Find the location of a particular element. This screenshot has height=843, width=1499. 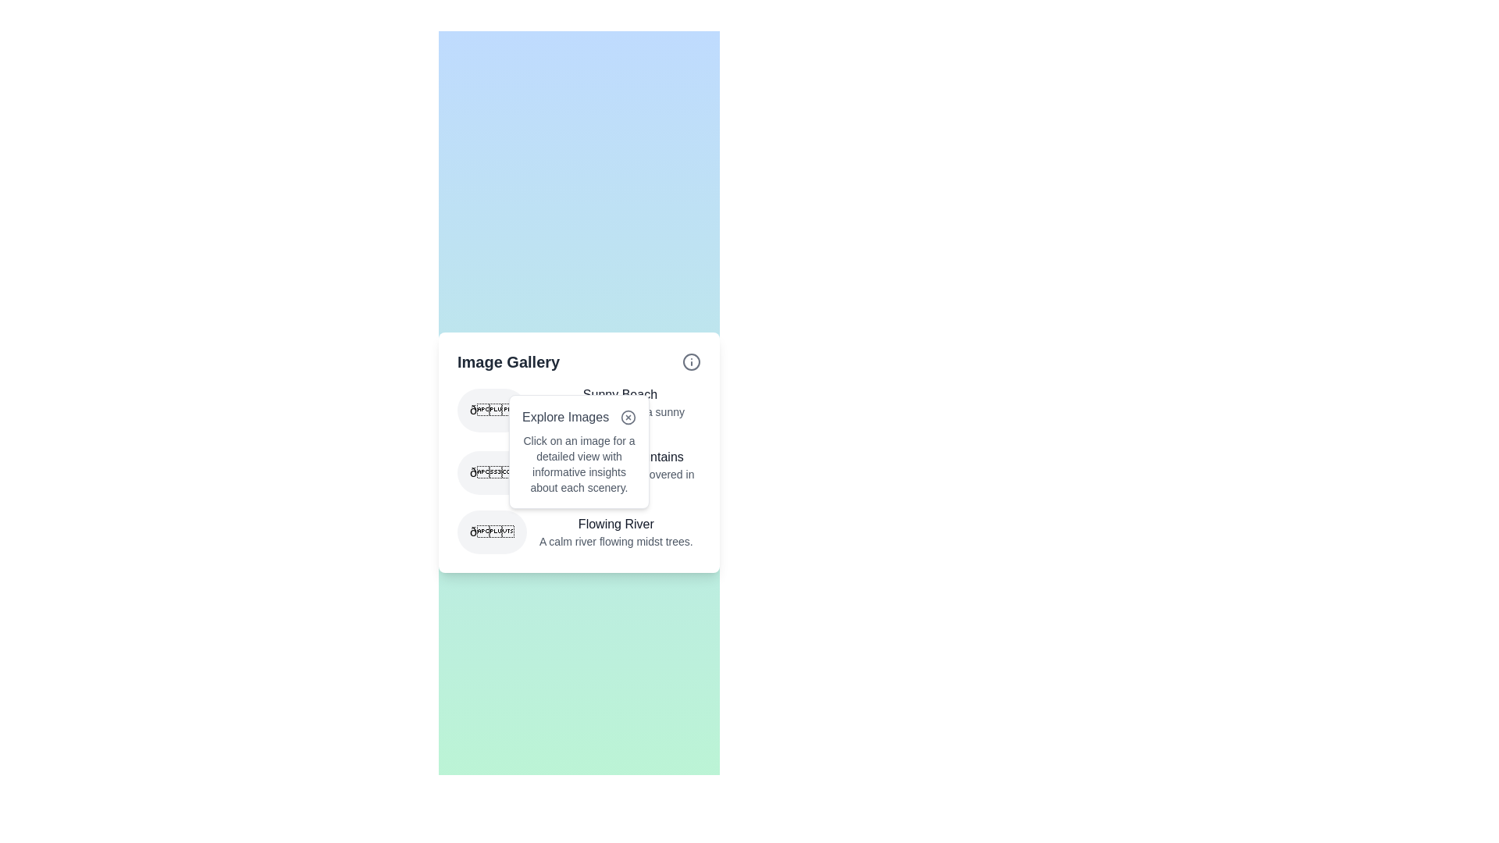

the list item featuring an emoji icon and descriptive text, located at the bottom of the vertical list in the 'Image Gallery' card, which is the third item below 'Sunny Beach' and 'Majestic Mountains.' is located at coordinates (579, 532).